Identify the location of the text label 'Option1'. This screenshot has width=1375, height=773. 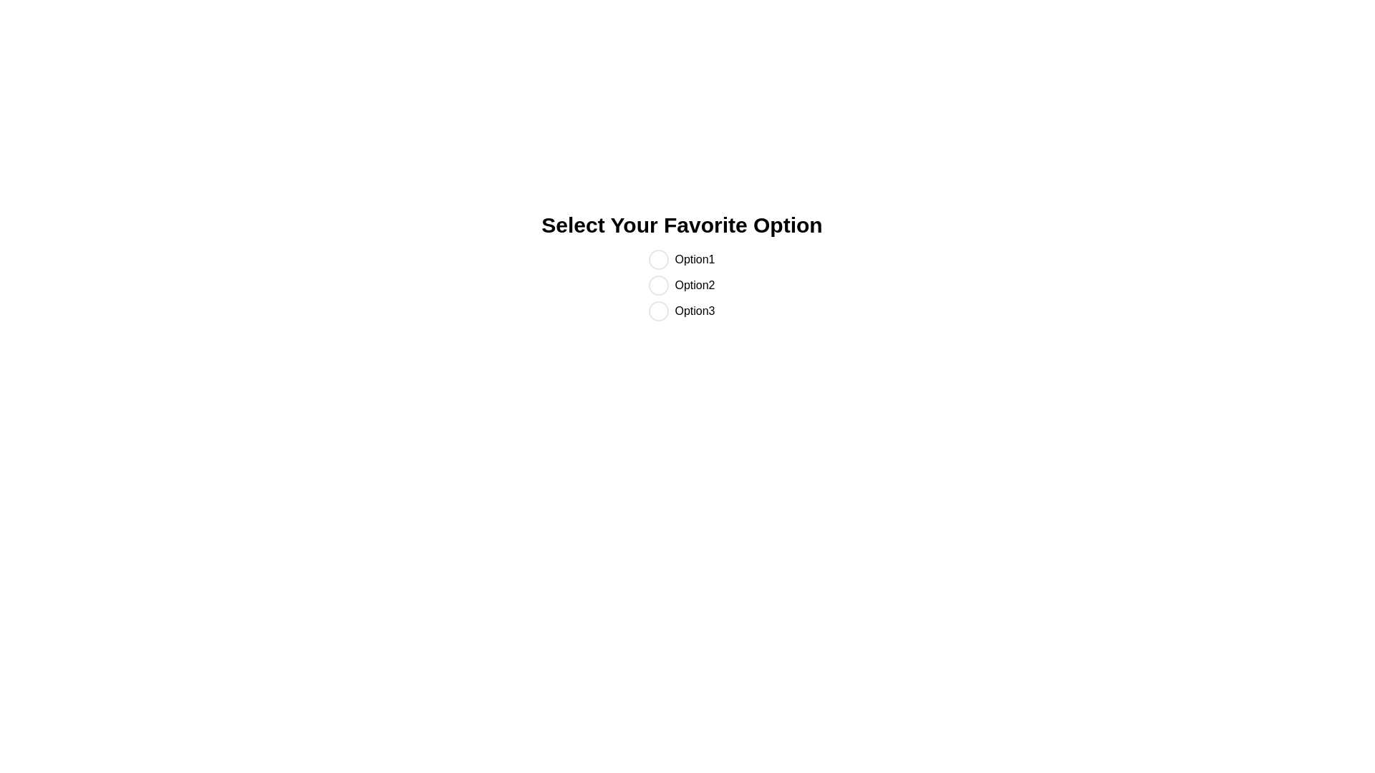
(695, 259).